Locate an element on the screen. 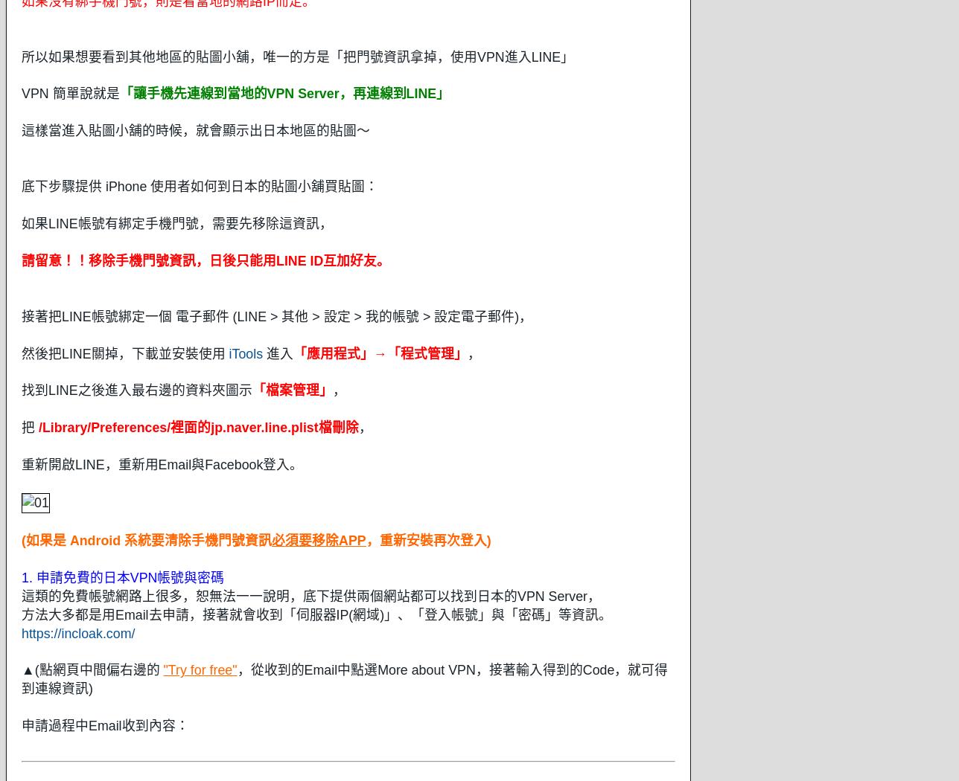 The width and height of the screenshot is (959, 781). '(如果是 Android 系統要清除手機門號資訊' is located at coordinates (147, 539).